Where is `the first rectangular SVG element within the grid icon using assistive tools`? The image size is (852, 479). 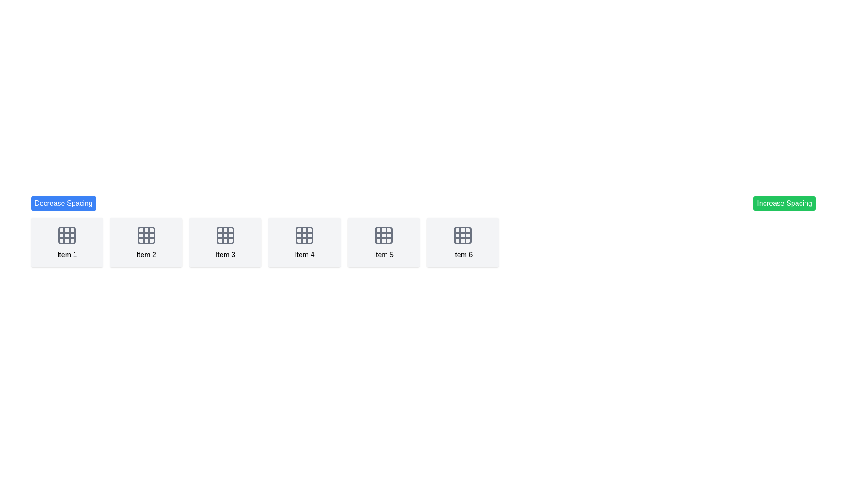 the first rectangular SVG element within the grid icon using assistive tools is located at coordinates (67, 235).